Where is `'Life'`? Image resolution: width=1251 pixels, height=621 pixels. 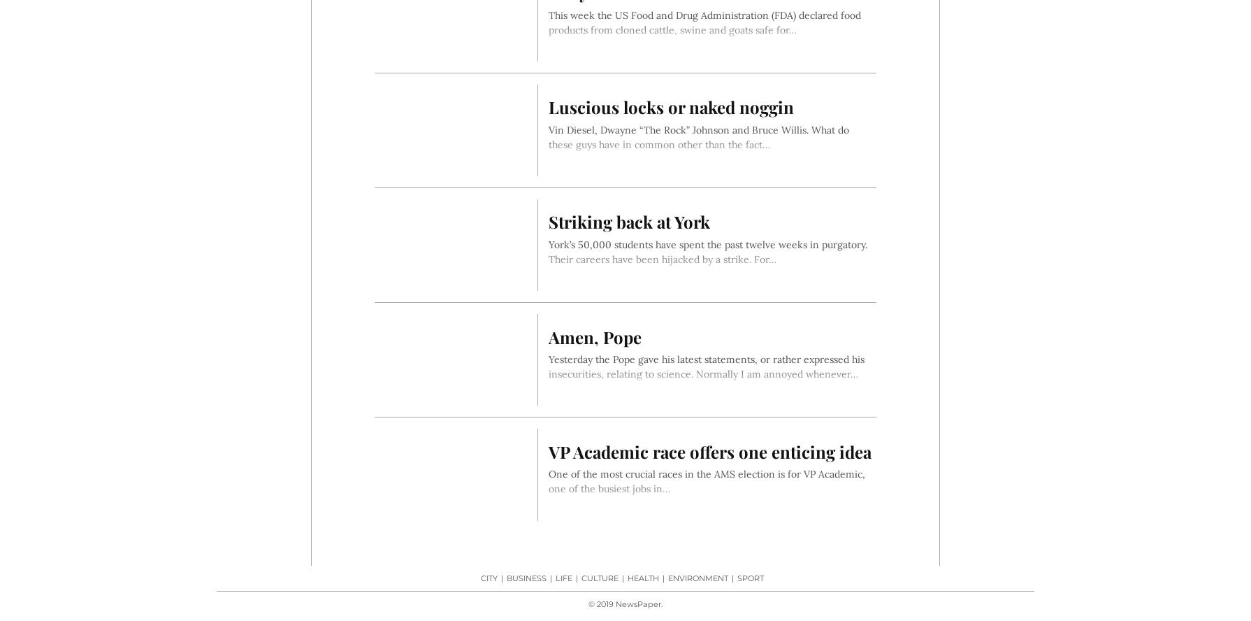 'Life' is located at coordinates (563, 578).